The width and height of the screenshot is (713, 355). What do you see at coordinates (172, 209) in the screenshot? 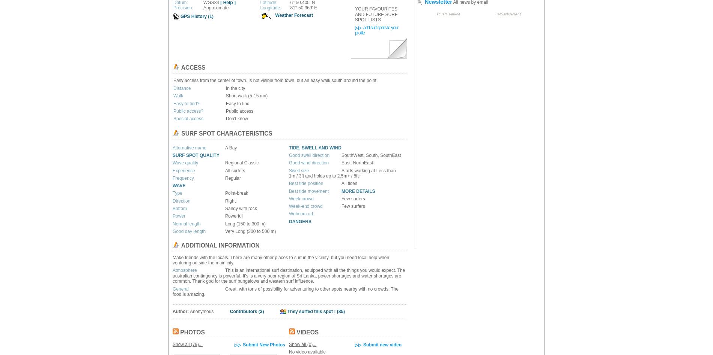
I see `'Bottom'` at bounding box center [172, 209].